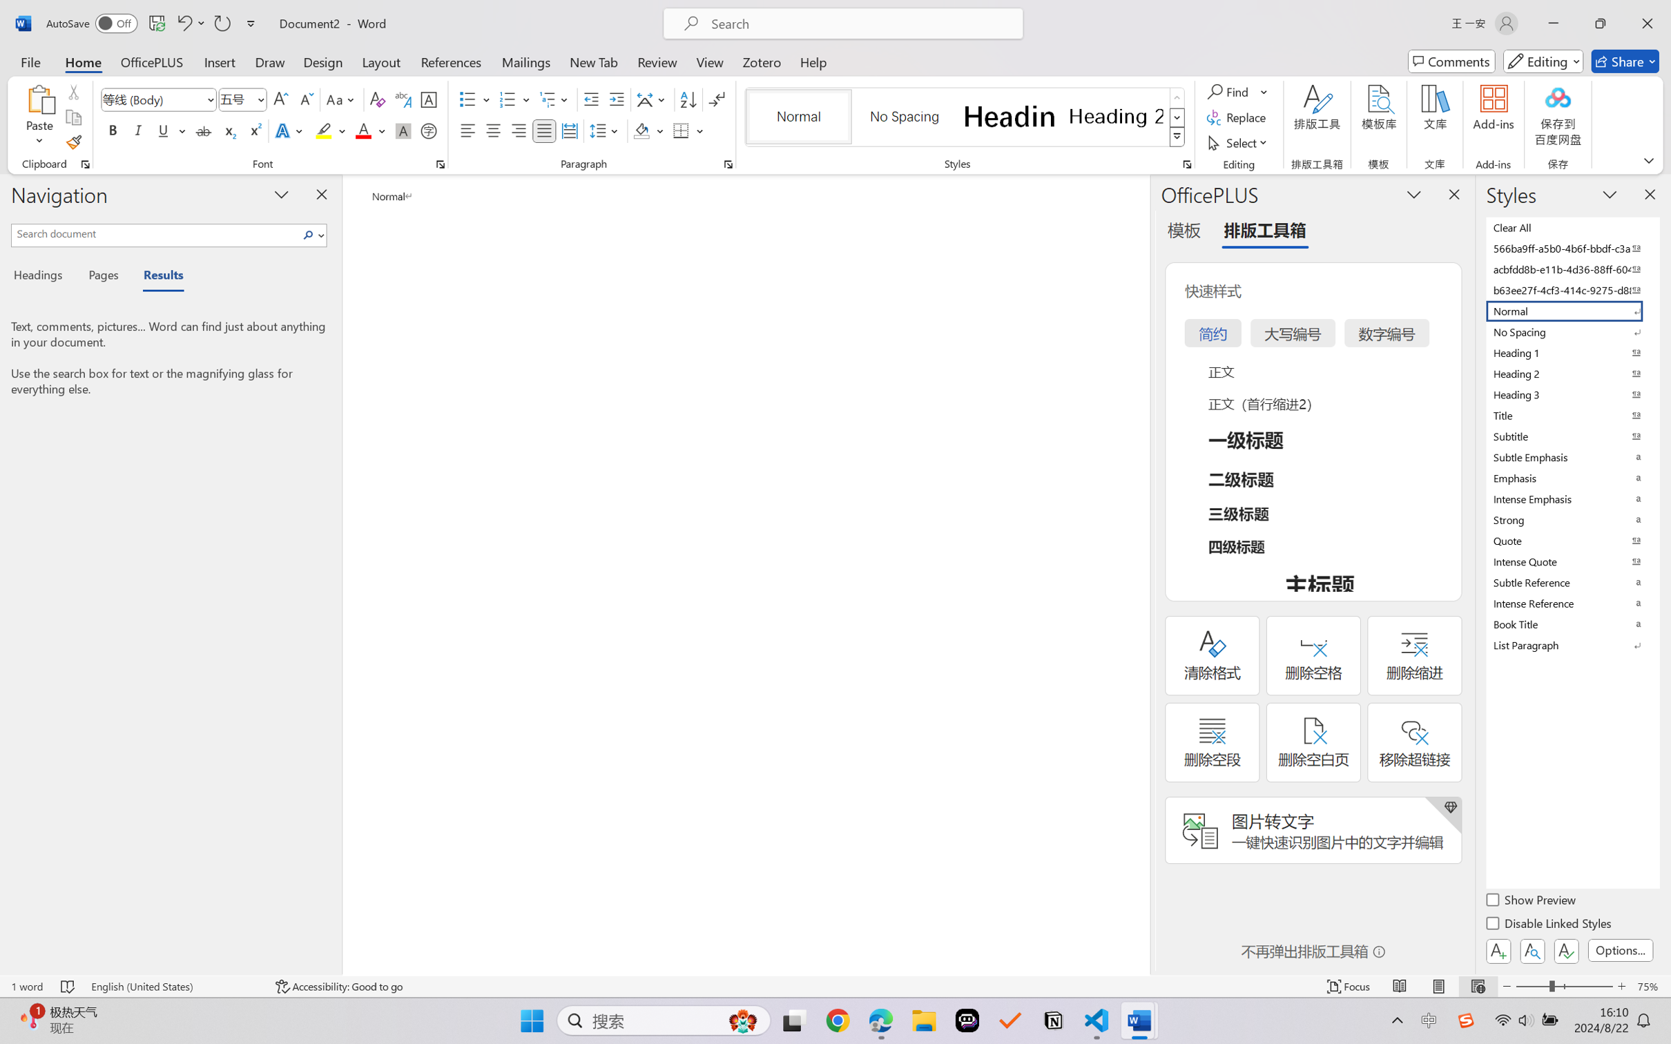 Image resolution: width=1671 pixels, height=1044 pixels. Describe the element at coordinates (1571, 268) in the screenshot. I see `'acbfdd8b-e11b-4d36-88ff-6049b138f862'` at that location.